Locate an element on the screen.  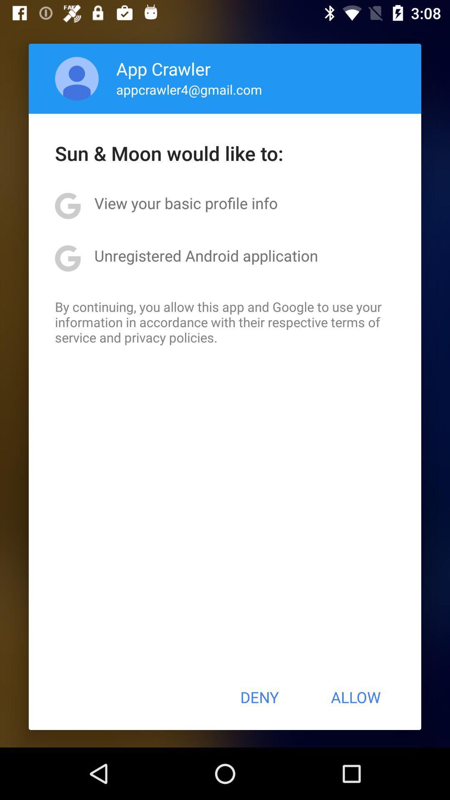
unregistered android application icon is located at coordinates (206, 255).